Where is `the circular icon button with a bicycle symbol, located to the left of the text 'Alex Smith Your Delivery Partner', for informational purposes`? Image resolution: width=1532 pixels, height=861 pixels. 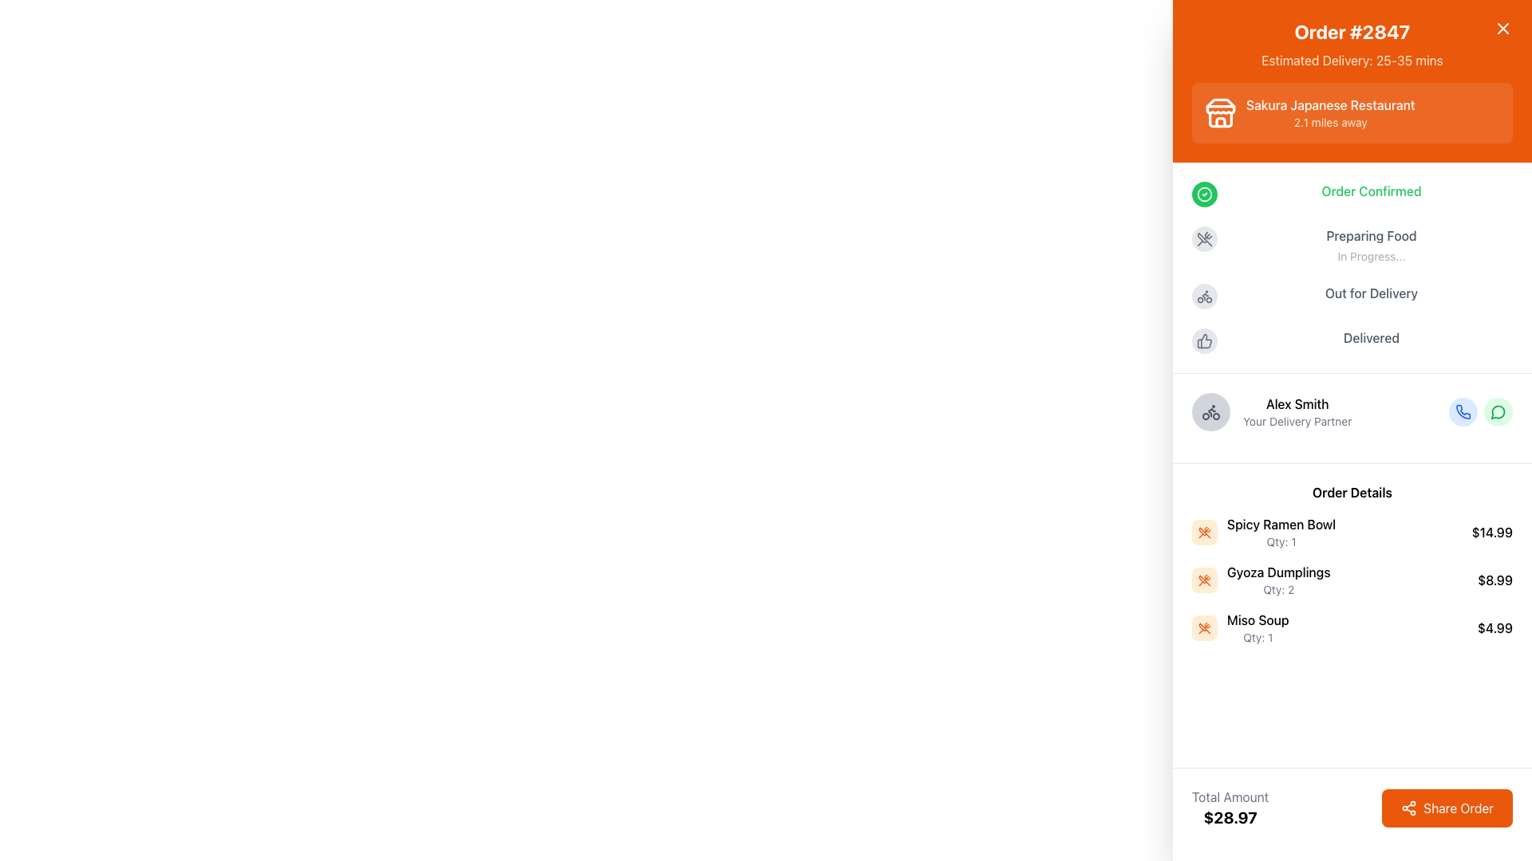 the circular icon button with a bicycle symbol, located to the left of the text 'Alex Smith Your Delivery Partner', for informational purposes is located at coordinates (1210, 411).